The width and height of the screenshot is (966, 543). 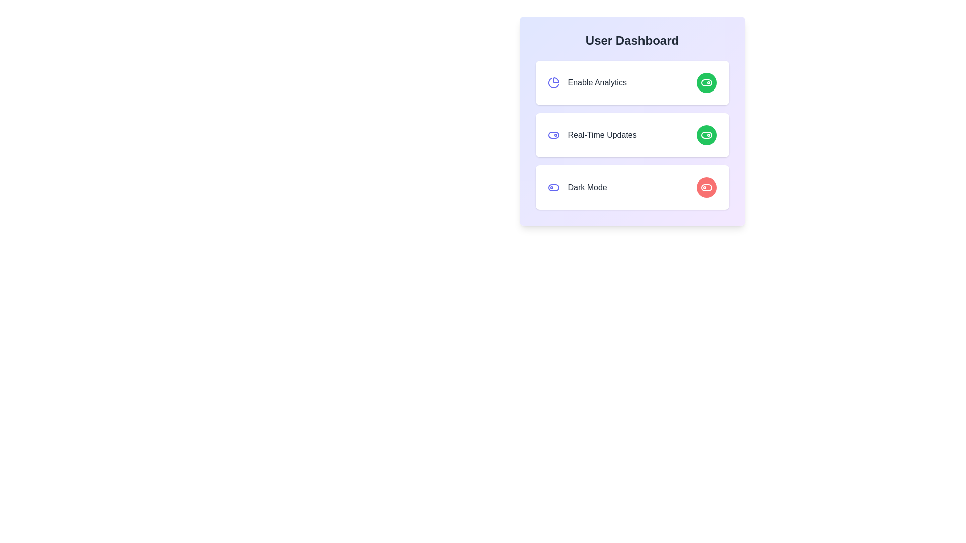 What do you see at coordinates (587, 188) in the screenshot?
I see `the 'Dark Mode' text label in the User Dashboard card, which is visually emphasized in dark gray sans-serif font, located between a blue link icon and a circular red eye button` at bounding box center [587, 188].